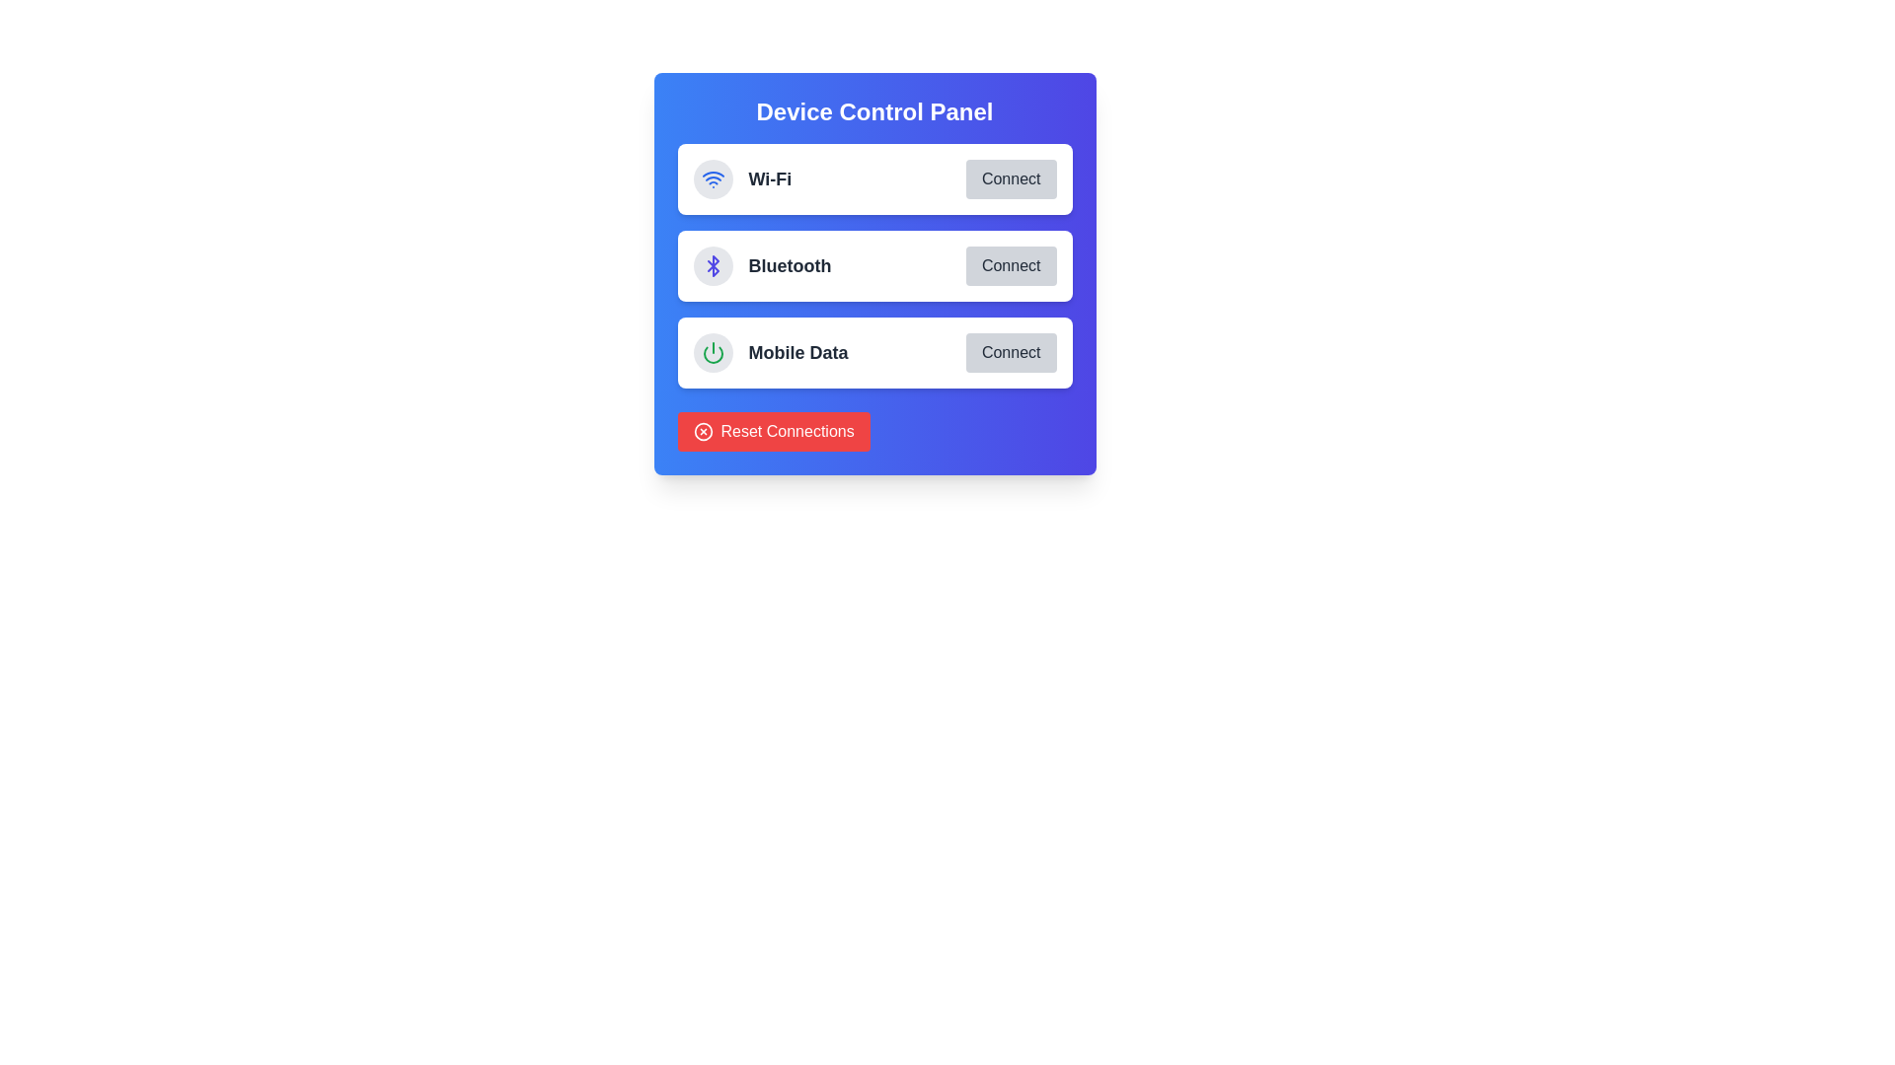 This screenshot has height=1065, width=1895. I want to click on the circular gray button with a green power icon in the 'Mobile Data' row of the 'Device Control Panel', so click(712, 352).